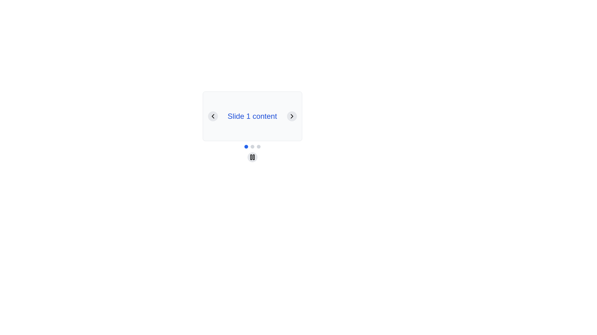 This screenshot has height=335, width=597. What do you see at coordinates (252, 157) in the screenshot?
I see `the pause button located centrally below the 'Slide 1 content' carousel` at bounding box center [252, 157].